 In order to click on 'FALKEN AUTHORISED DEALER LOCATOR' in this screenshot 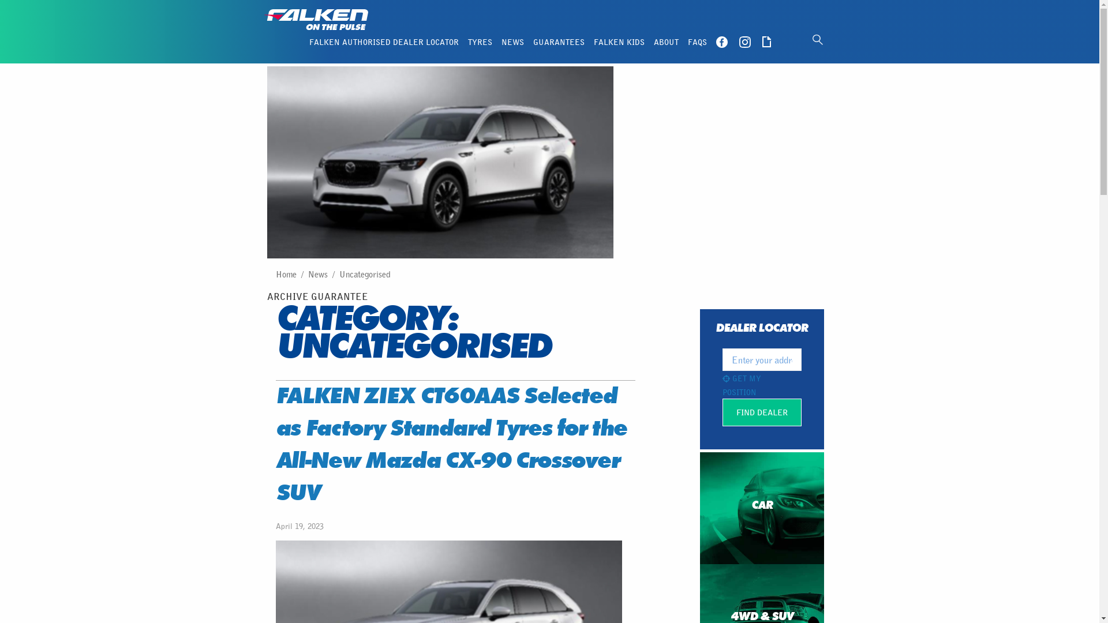, I will do `click(384, 42)`.